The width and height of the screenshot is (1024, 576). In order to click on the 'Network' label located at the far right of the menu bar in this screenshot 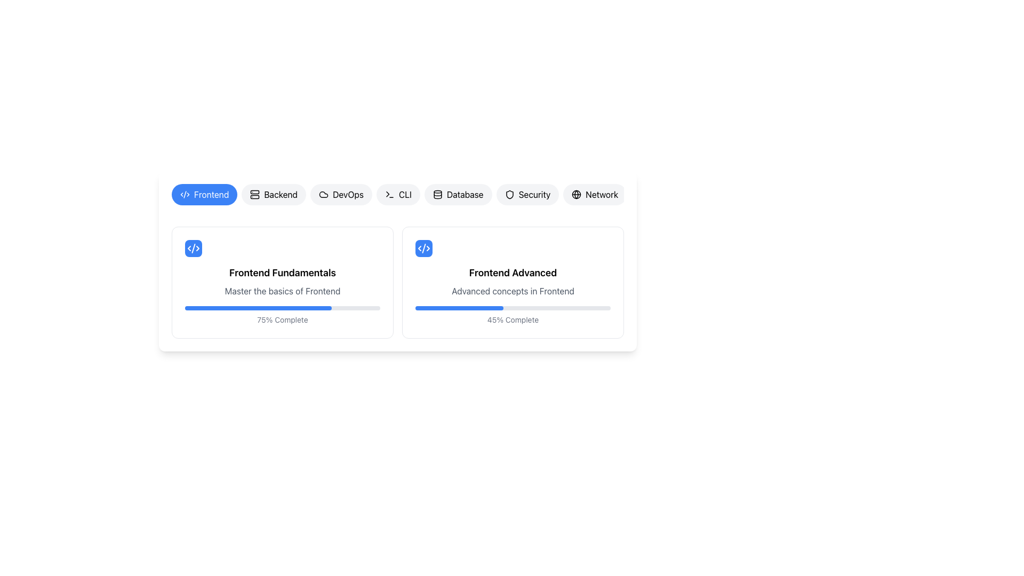, I will do `click(602, 195)`.